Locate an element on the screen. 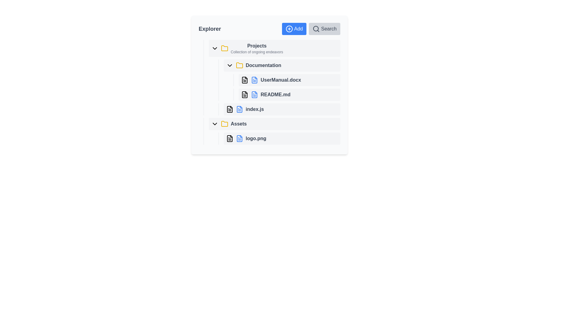  the small document icon with a black outline, located immediately to the left of the 'README.md' label in the file explorer is located at coordinates (244, 95).